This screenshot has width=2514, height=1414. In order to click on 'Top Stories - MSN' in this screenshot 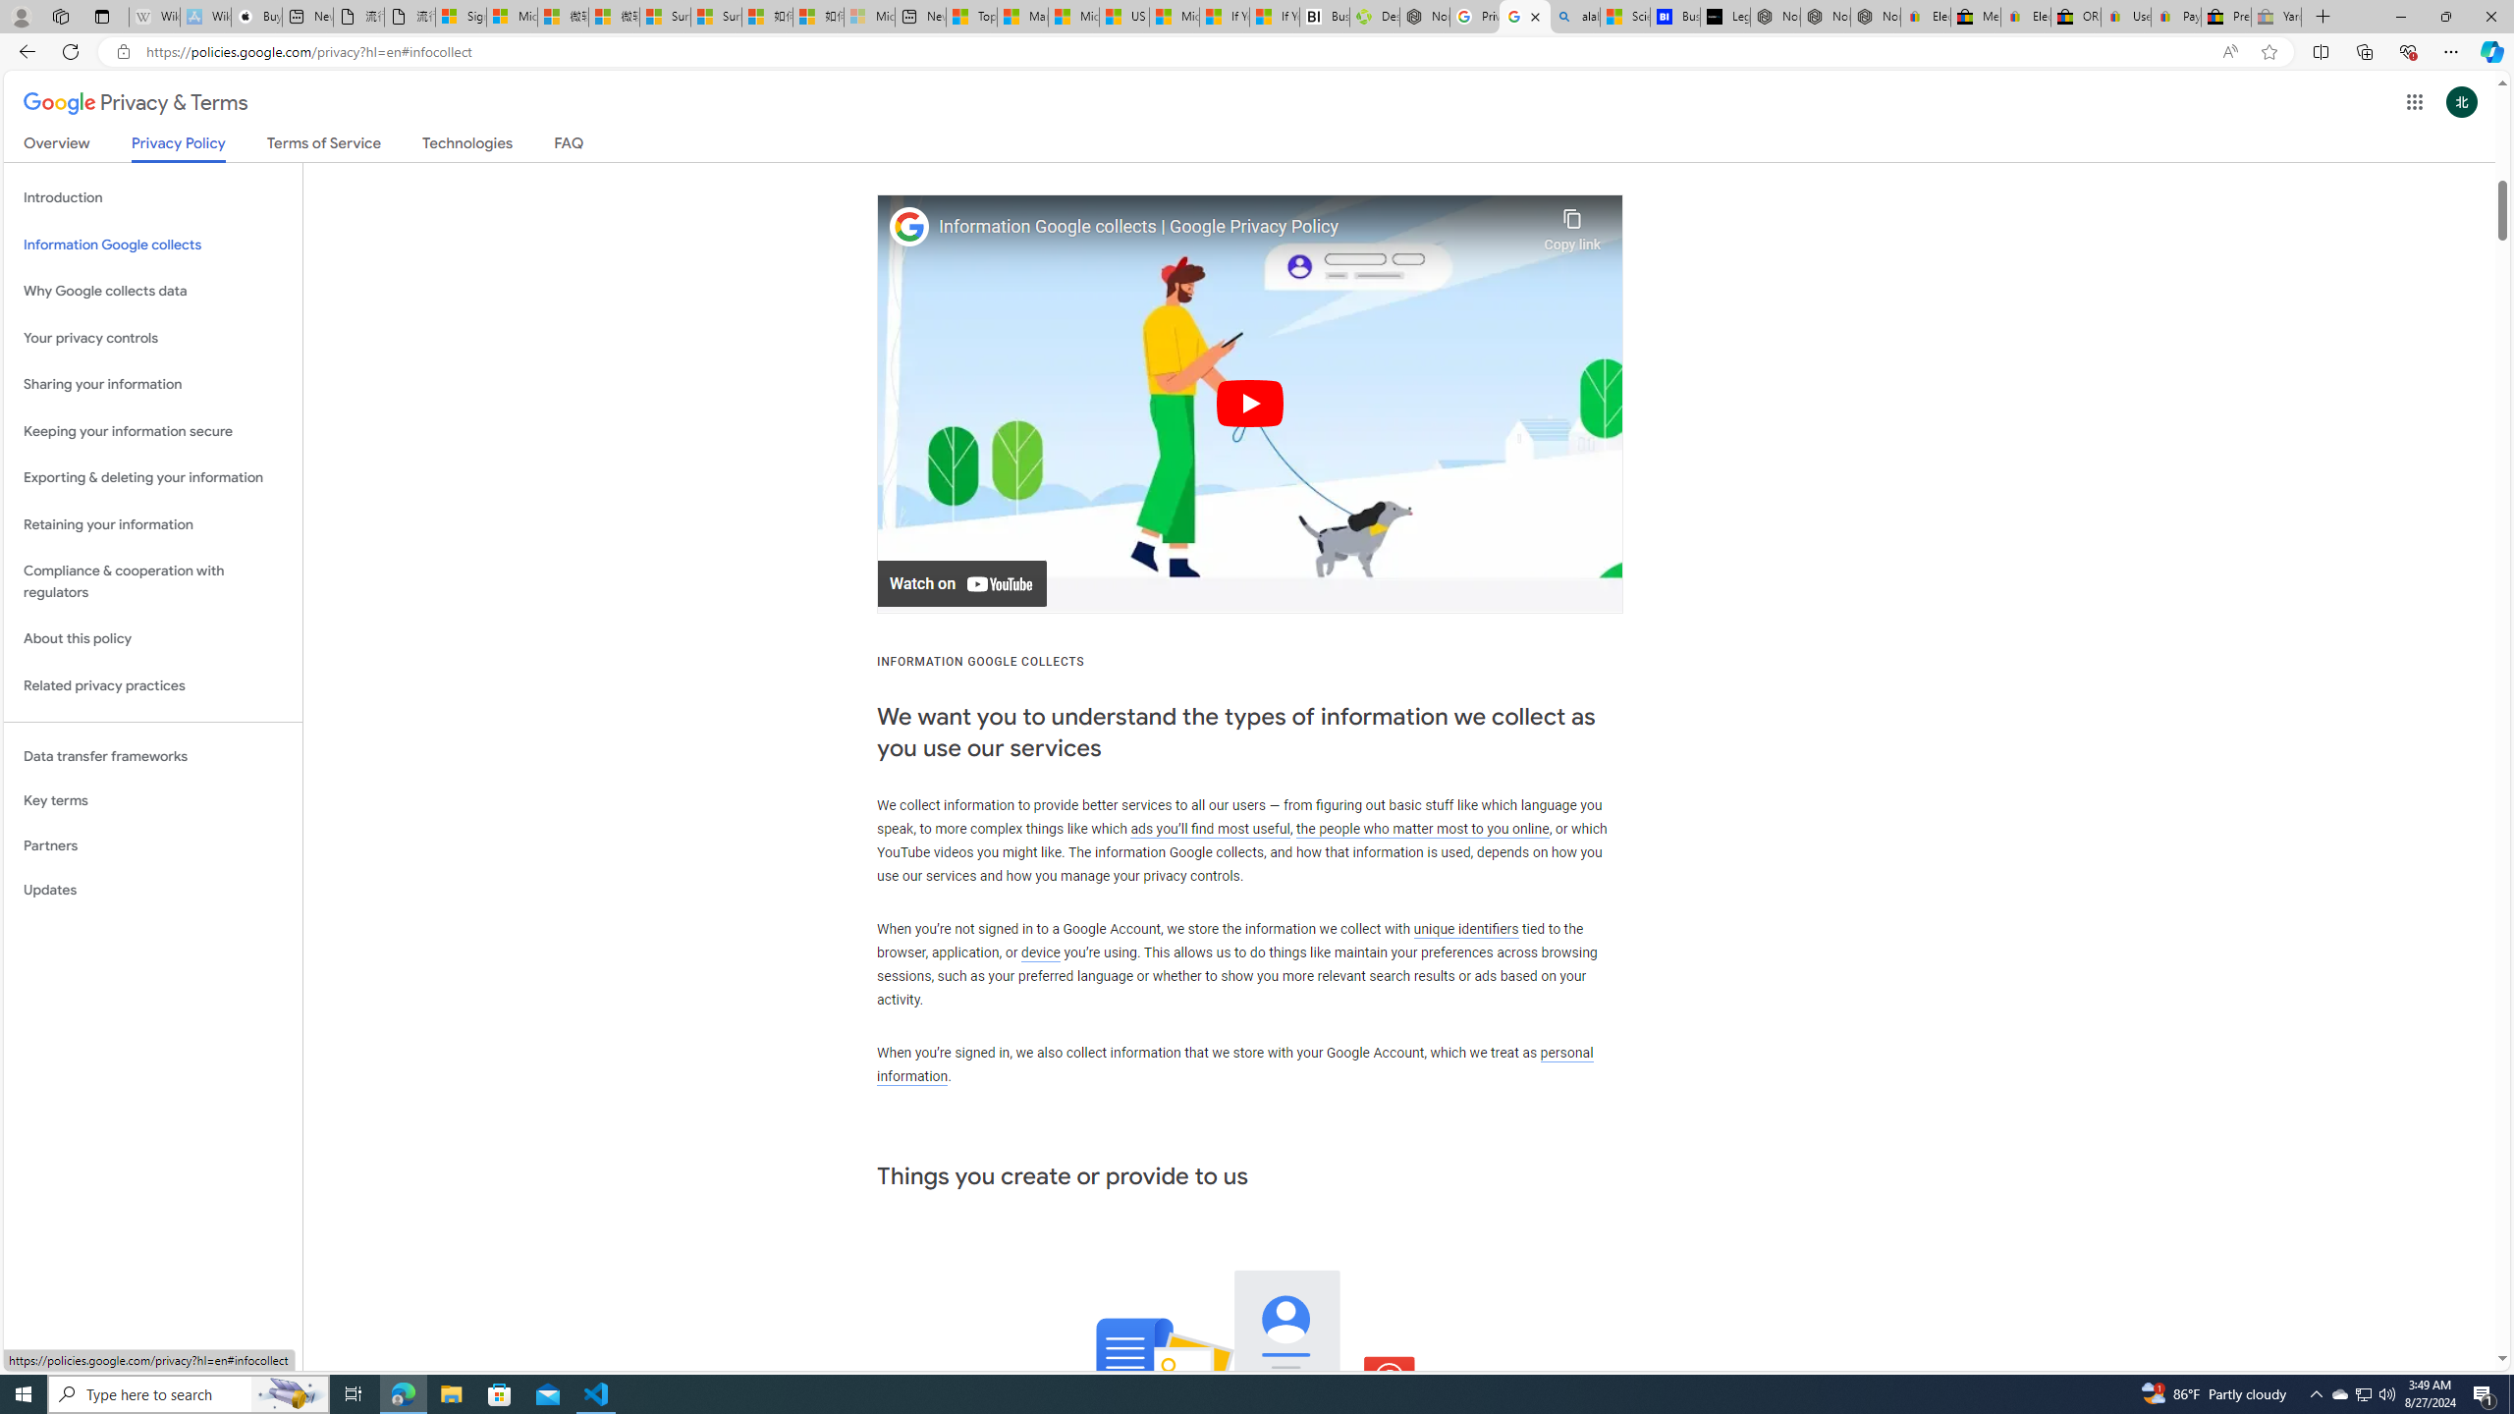, I will do `click(970, 16)`.